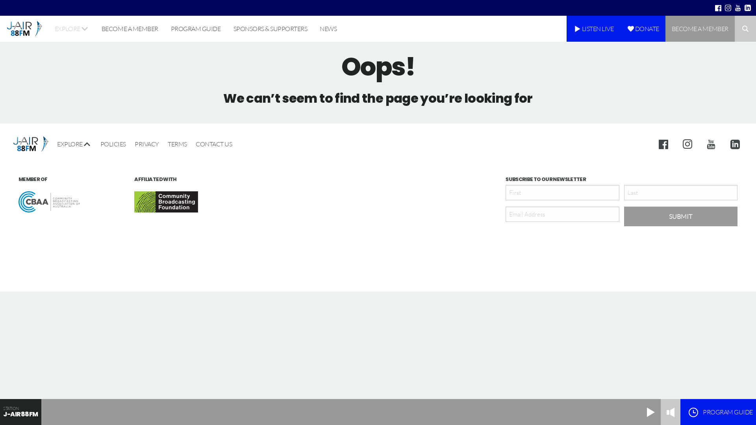  What do you see at coordinates (328, 28) in the screenshot?
I see `'NEWS'` at bounding box center [328, 28].